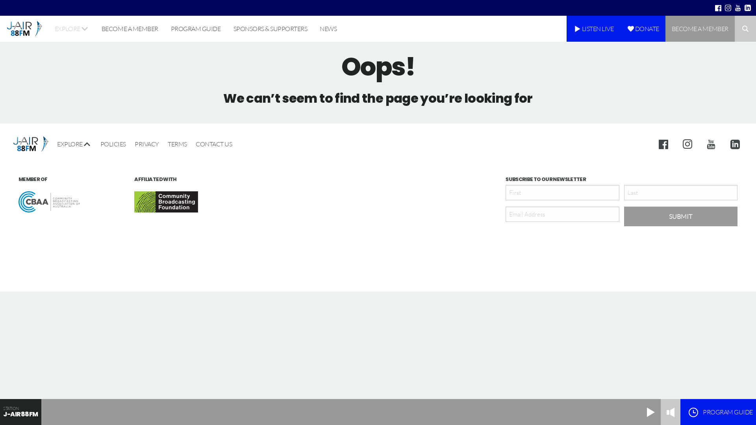  What do you see at coordinates (328, 28) in the screenshot?
I see `'NEWS'` at bounding box center [328, 28].